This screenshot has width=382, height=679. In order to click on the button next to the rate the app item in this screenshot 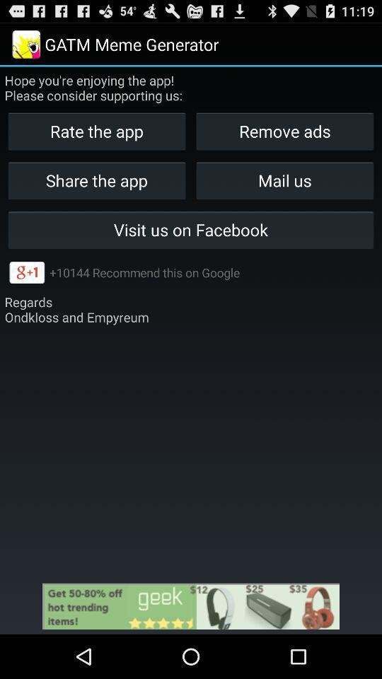, I will do `click(284, 131)`.